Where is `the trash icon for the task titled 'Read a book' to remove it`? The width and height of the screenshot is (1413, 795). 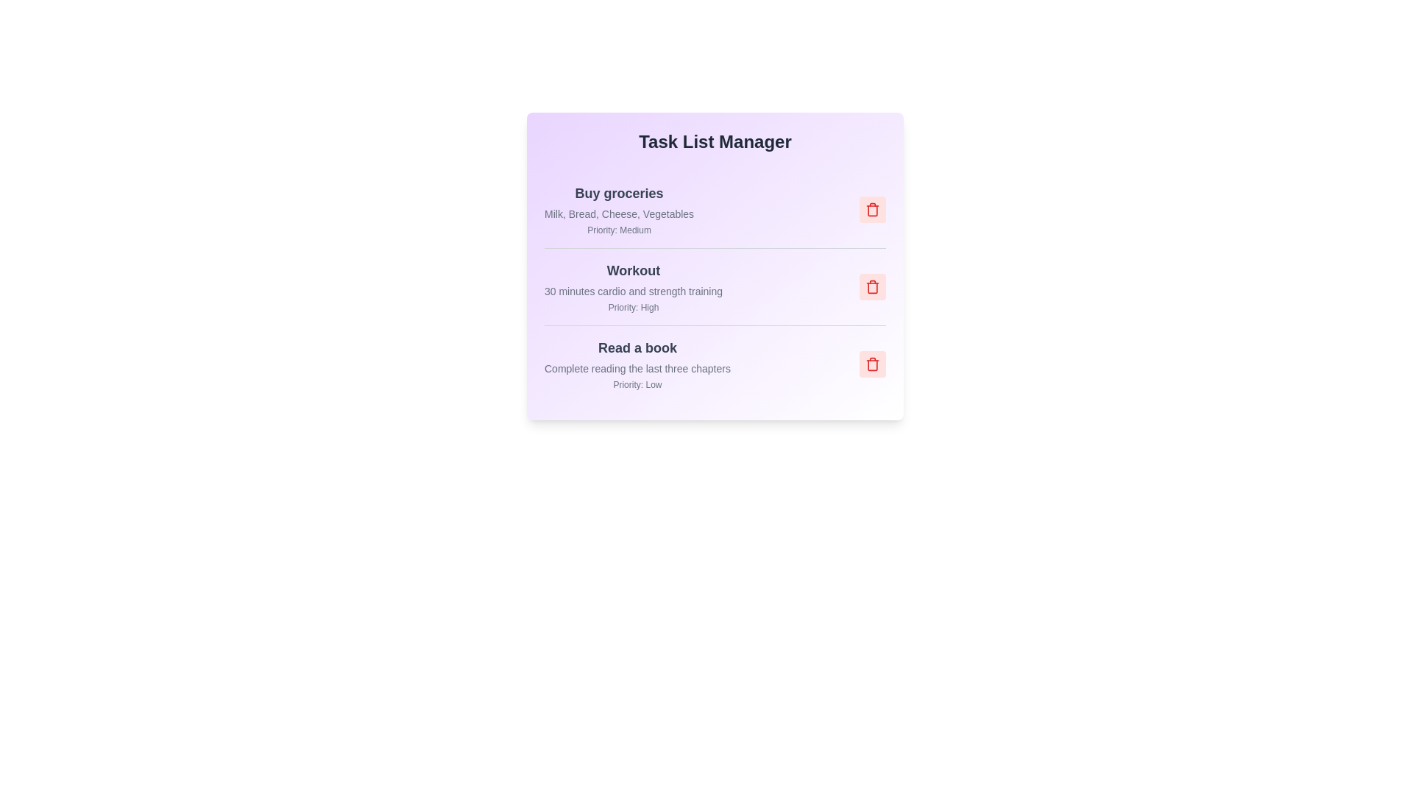 the trash icon for the task titled 'Read a book' to remove it is located at coordinates (872, 364).